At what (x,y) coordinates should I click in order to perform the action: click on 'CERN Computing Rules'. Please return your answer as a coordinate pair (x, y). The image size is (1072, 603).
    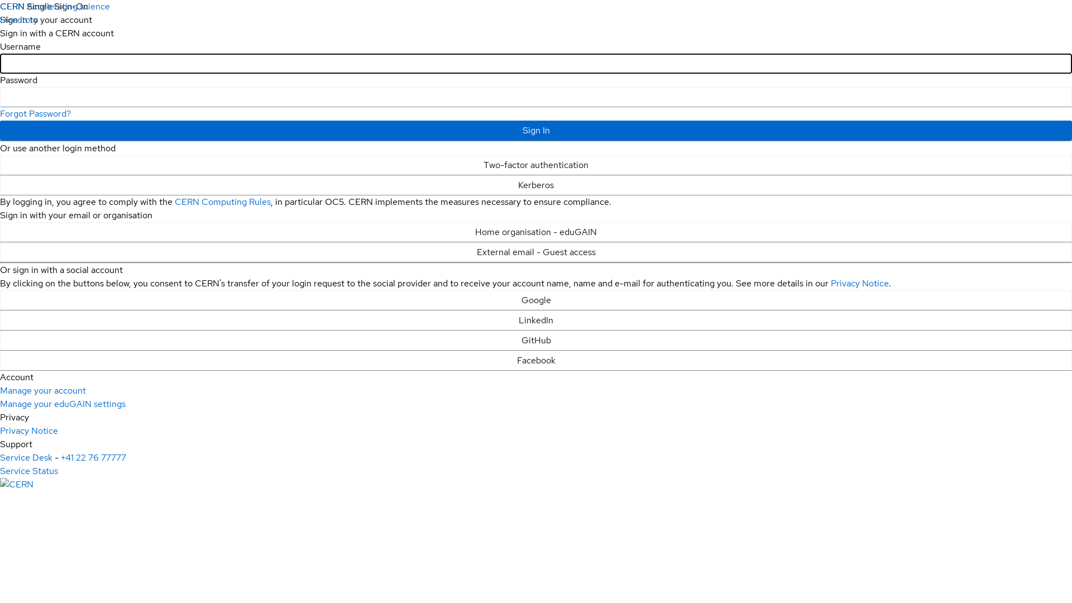
    Looking at the image, I should click on (222, 202).